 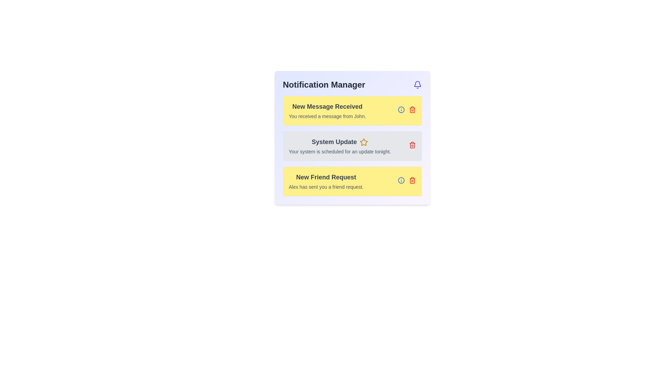 I want to click on text message displayed in the Text Label that says 'Alex has sent you a friend request.' located under the 'New Friend Request' header in the Notification Manager interface, so click(x=326, y=187).